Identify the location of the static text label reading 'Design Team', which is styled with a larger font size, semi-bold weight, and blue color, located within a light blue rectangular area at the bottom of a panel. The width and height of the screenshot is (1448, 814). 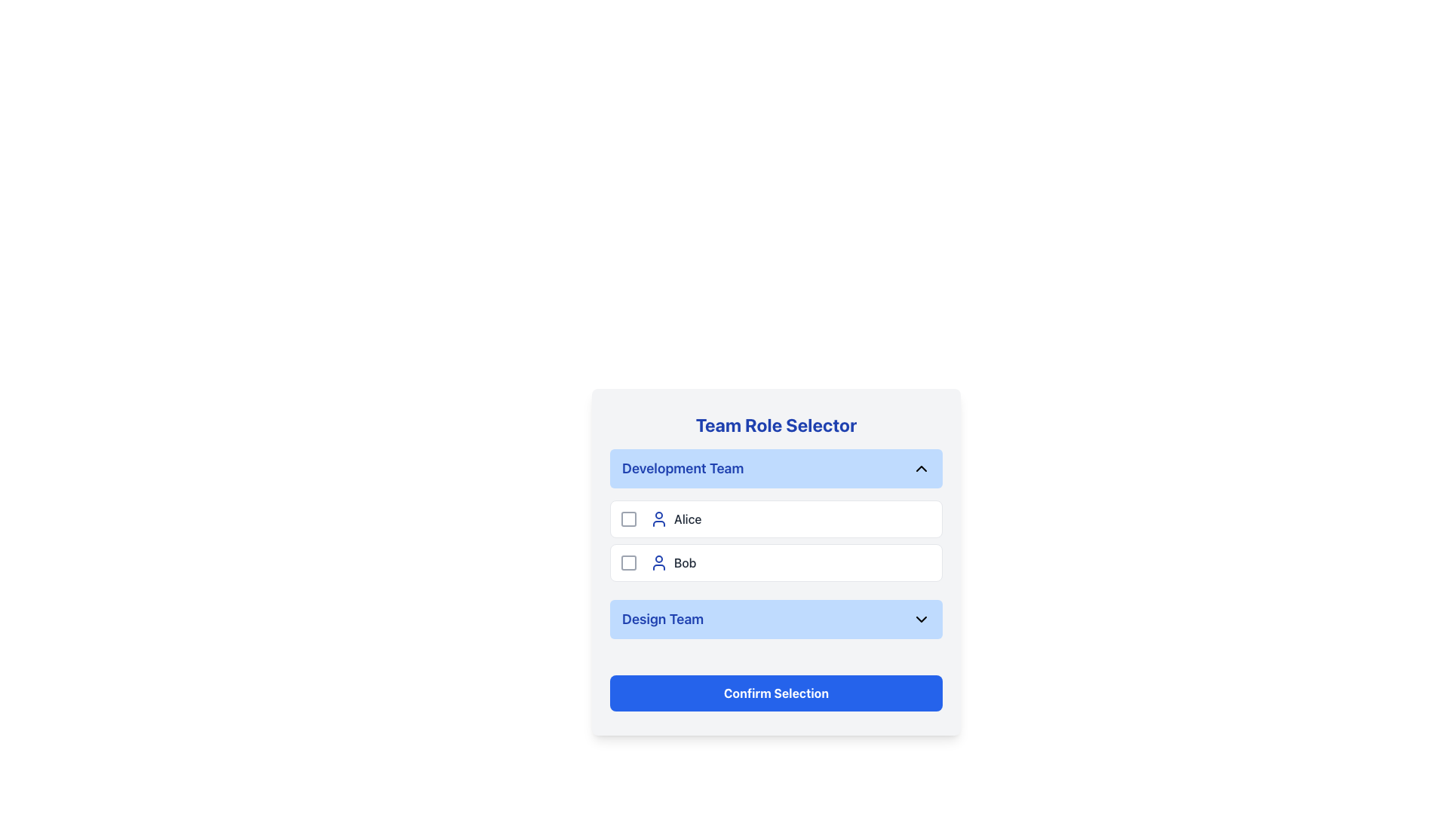
(663, 619).